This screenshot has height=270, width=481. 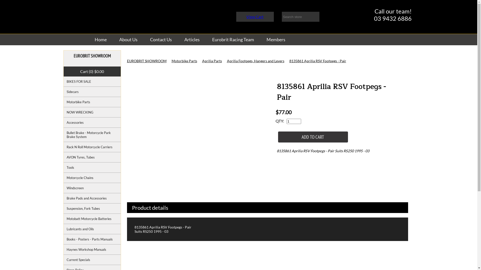 I want to click on 'Aprilia Footpegs, Hangers and Levers', so click(x=256, y=60).